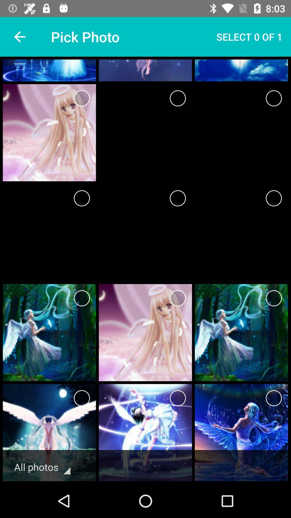 The image size is (291, 518). What do you see at coordinates (82, 398) in the screenshot?
I see `editing photos` at bounding box center [82, 398].